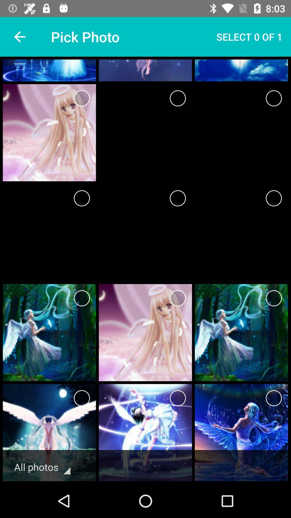 The image size is (291, 518). What do you see at coordinates (82, 398) in the screenshot?
I see `editing photos` at bounding box center [82, 398].